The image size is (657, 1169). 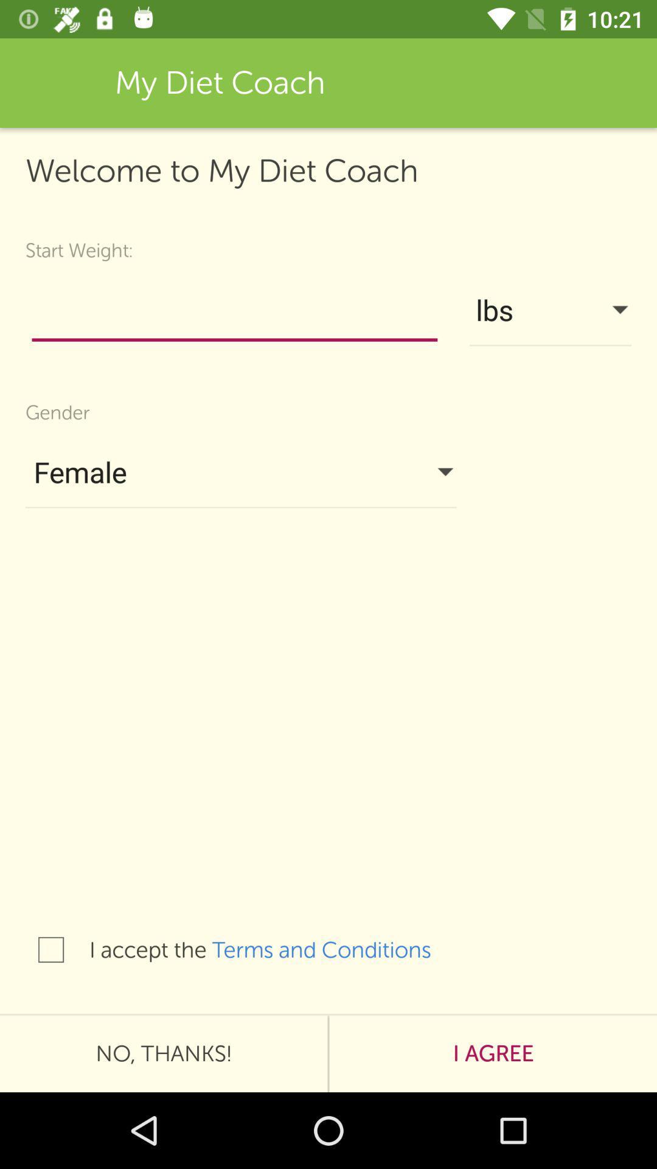 I want to click on icon below start weight:, so click(x=234, y=313).